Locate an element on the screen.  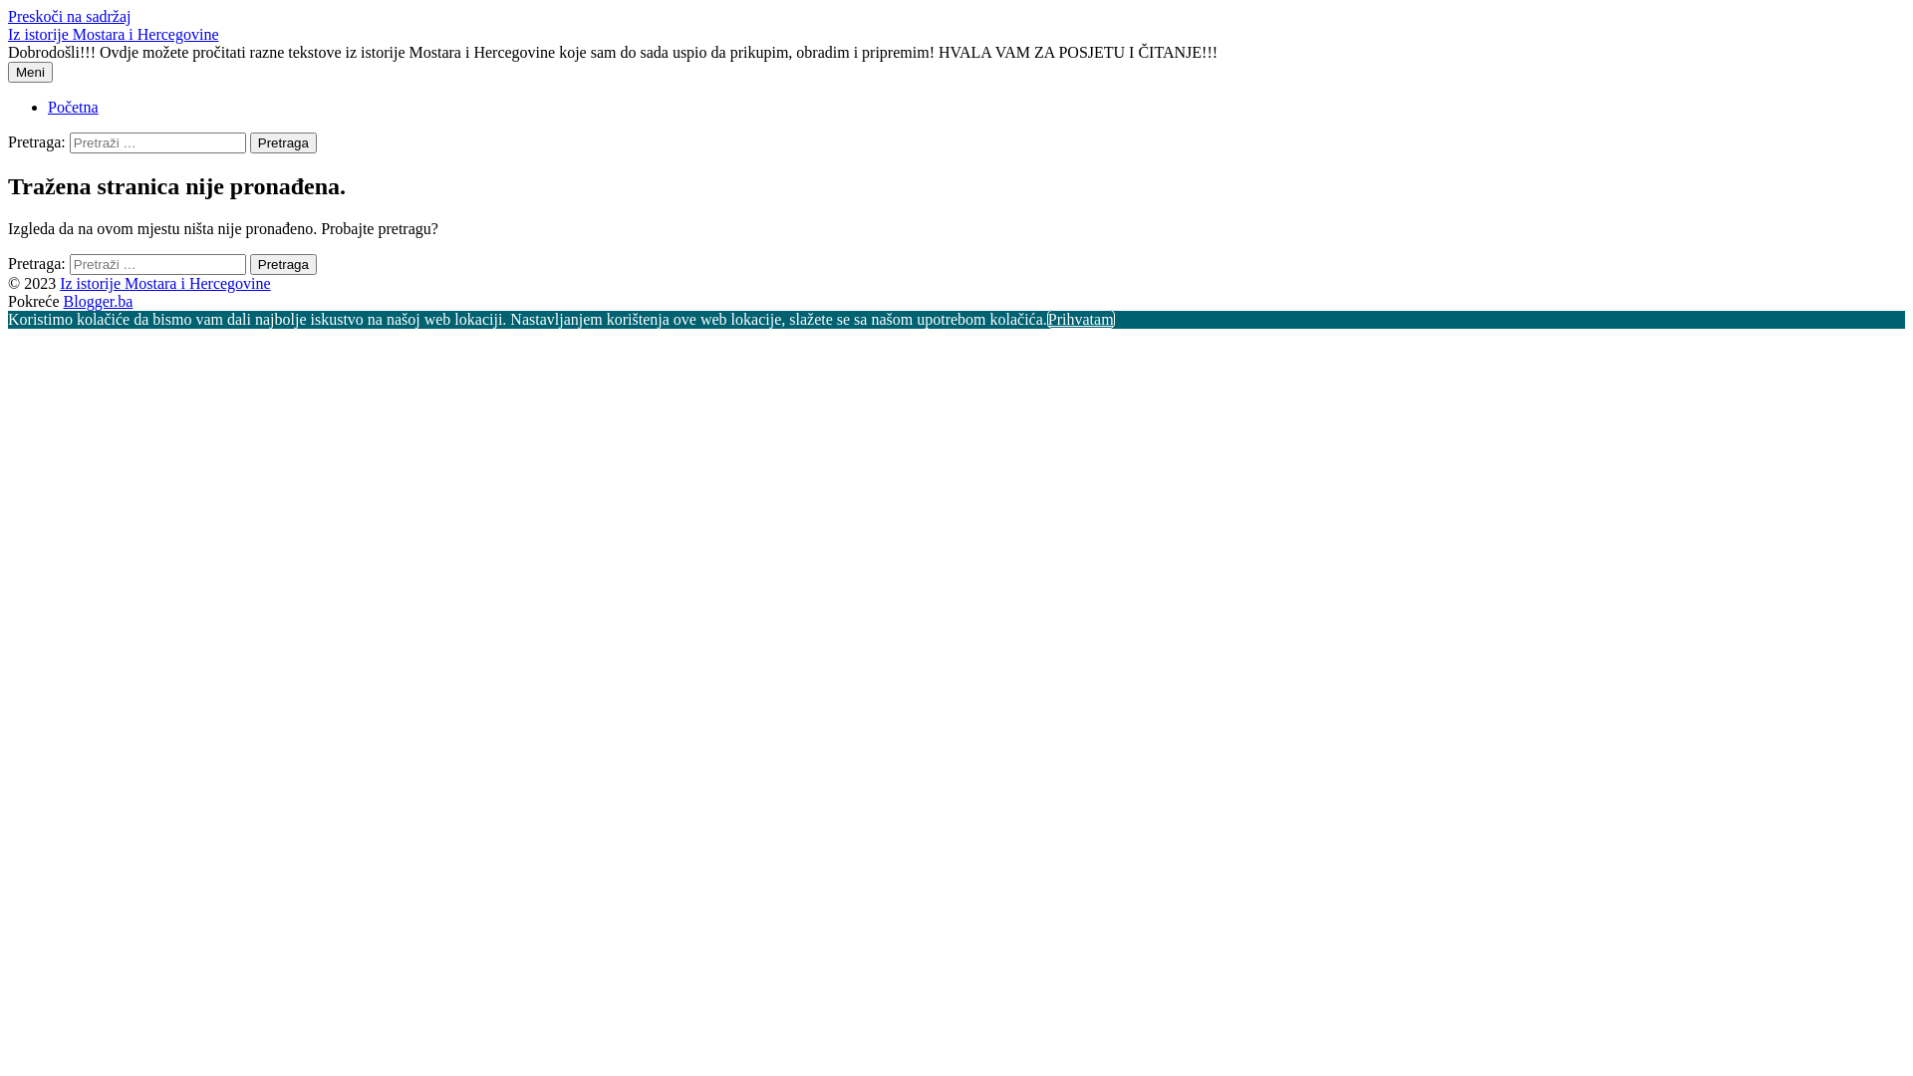
'Blogger.ba' is located at coordinates (98, 301).